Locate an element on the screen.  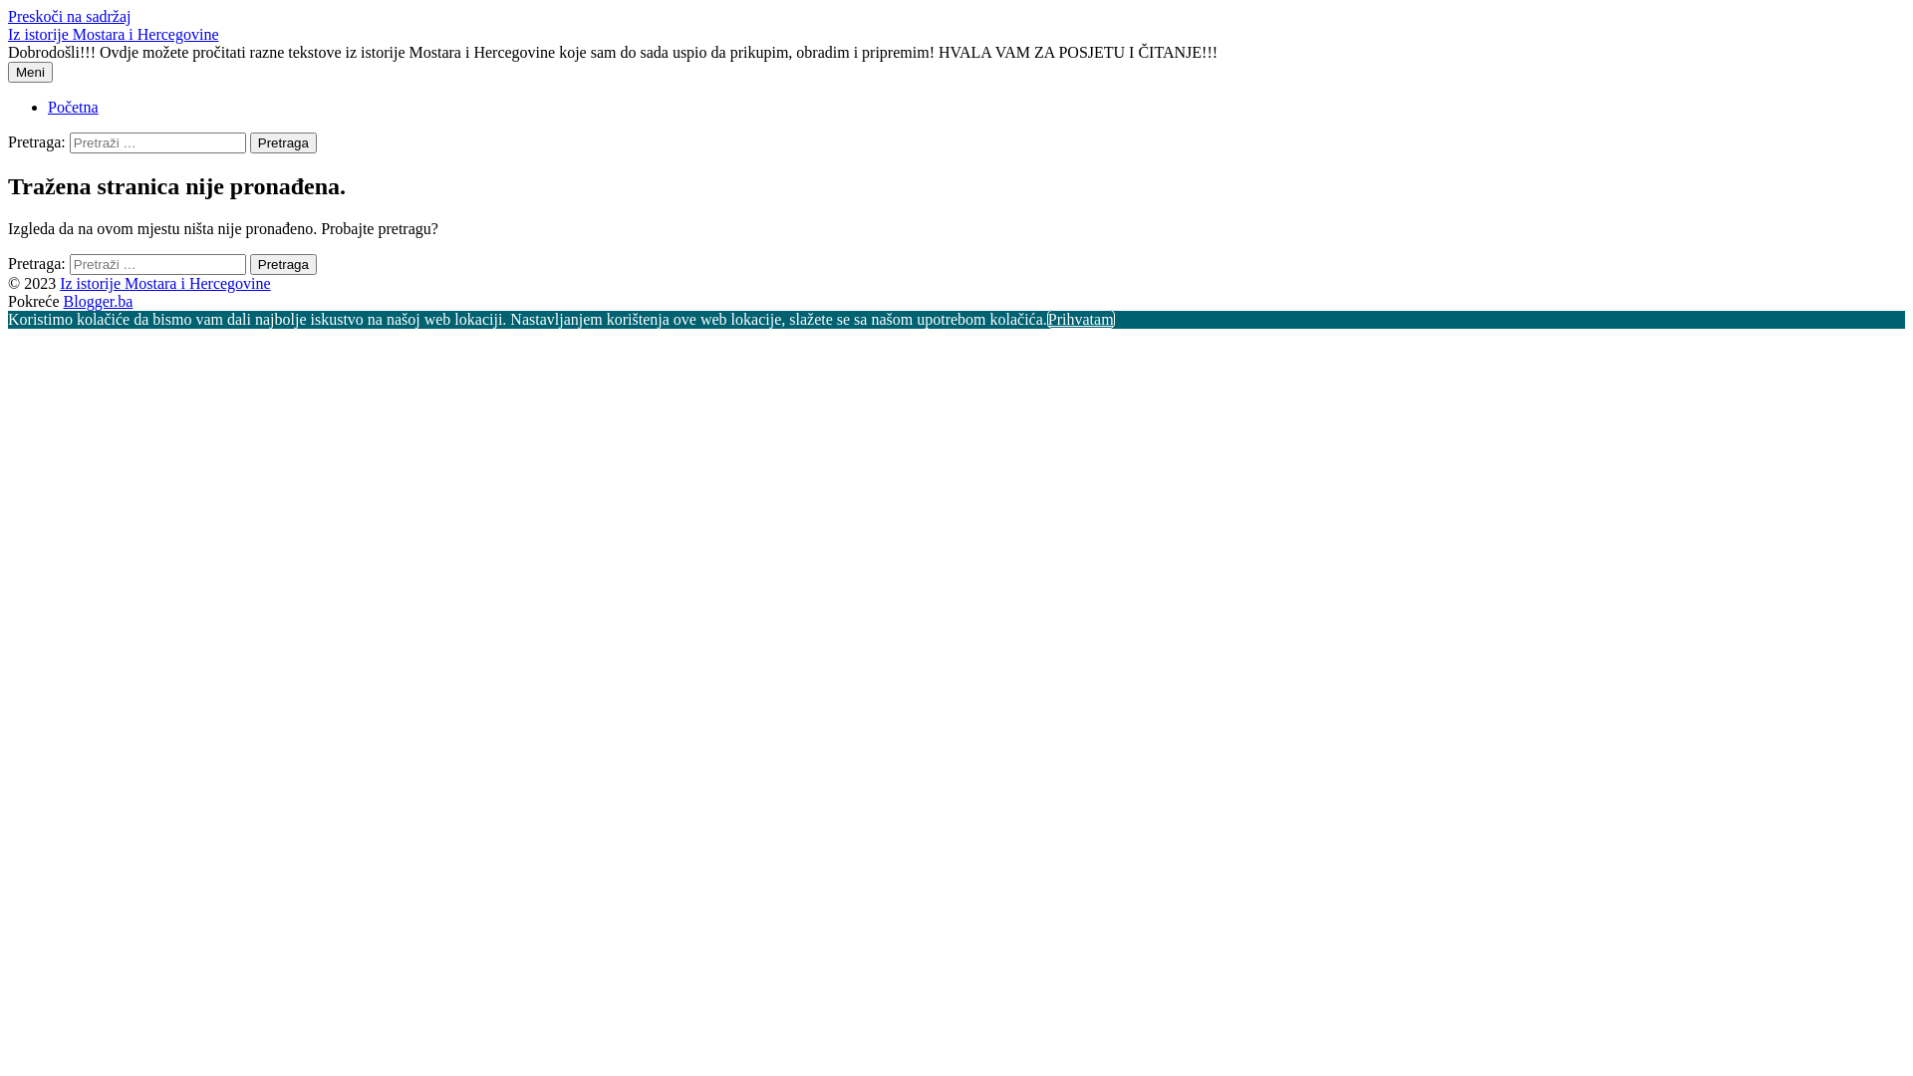
'Blogger.ba' is located at coordinates (98, 301).